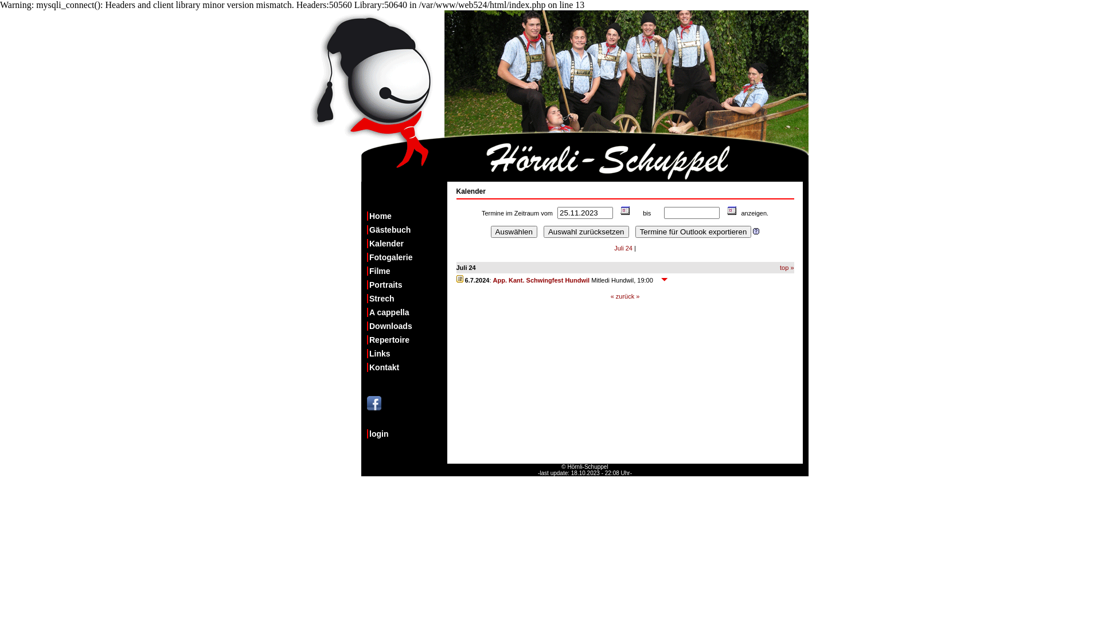 The width and height of the screenshot is (1101, 619). What do you see at coordinates (407, 242) in the screenshot?
I see `'Kalender'` at bounding box center [407, 242].